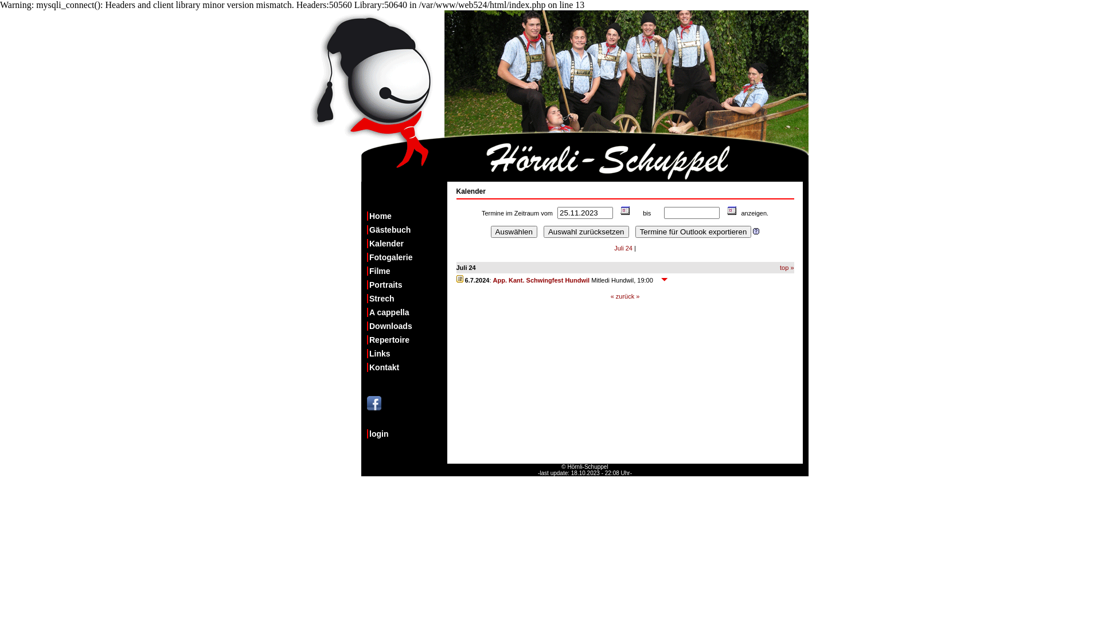 The width and height of the screenshot is (1101, 619). What do you see at coordinates (407, 242) in the screenshot?
I see `'Kalender'` at bounding box center [407, 242].